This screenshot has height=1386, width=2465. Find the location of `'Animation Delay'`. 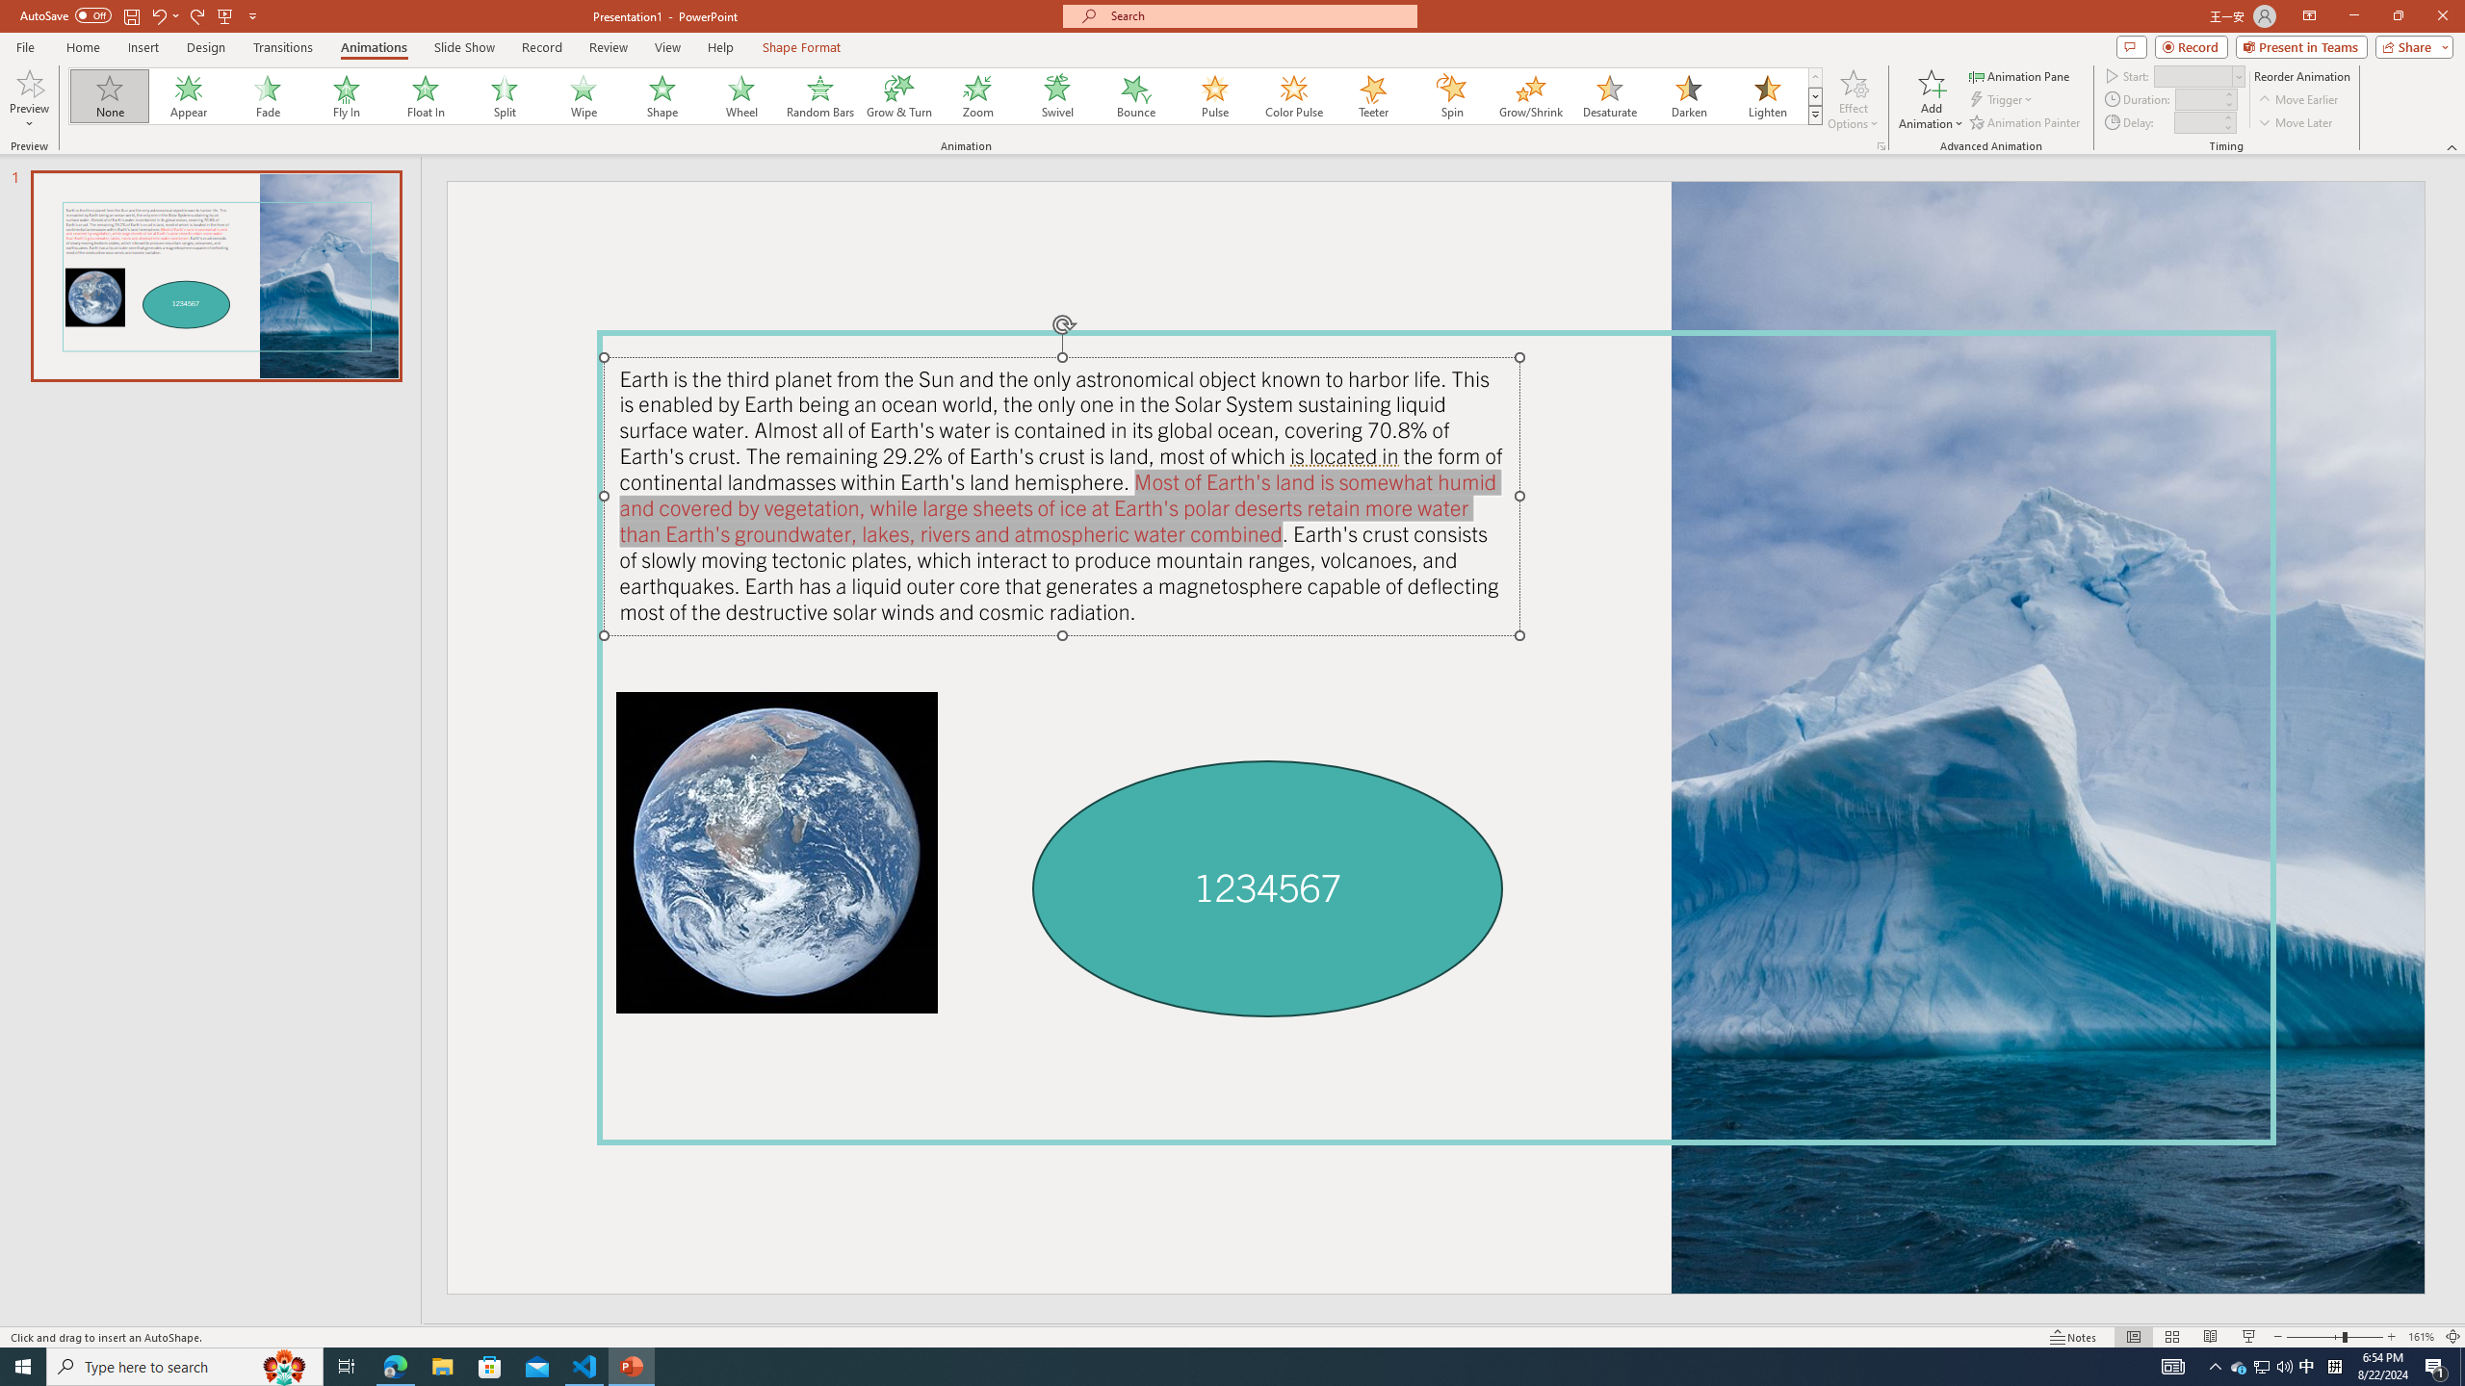

'Animation Delay' is located at coordinates (2194, 121).